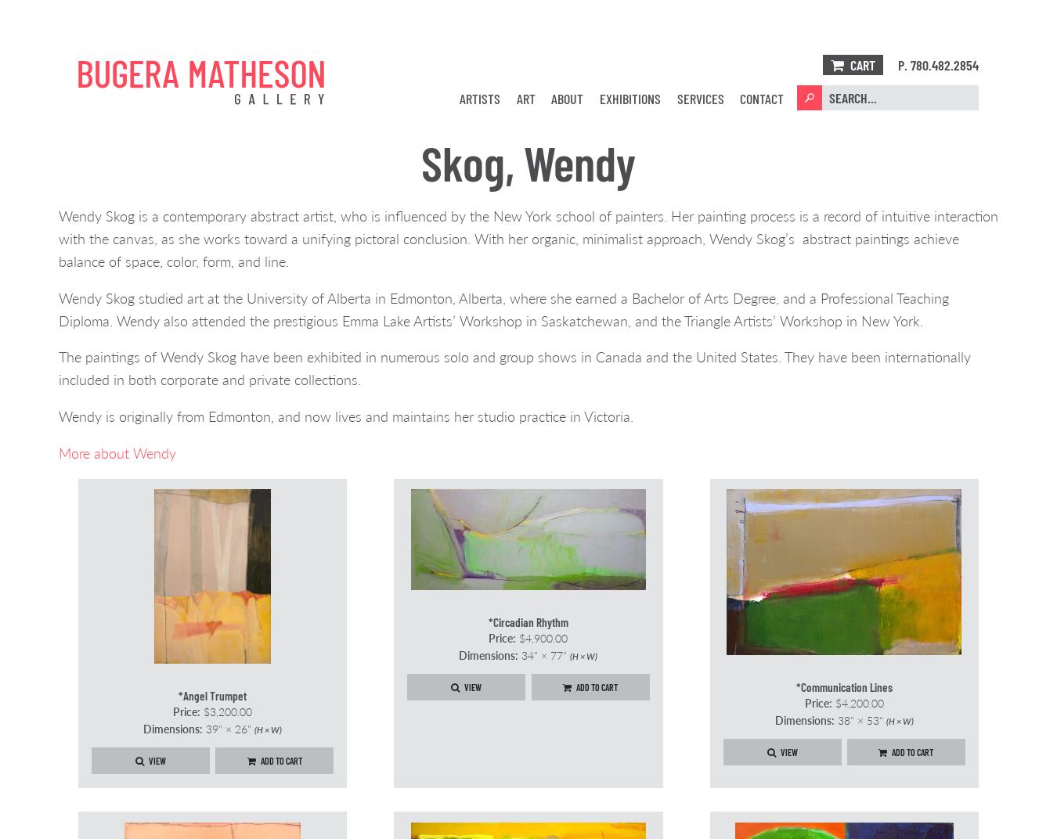 The height and width of the screenshot is (839, 1057). I want to click on 'Wendy Skog studied art at the University of Alberta in Edmonton, Alberta, where she earned a Bachelor of Arts Degree, and a Professional Teaching Diploma. Wendy also attended the prestigious Emma Lake Artists’ Workshop in Saskatchewan, and the Triangle Artists’ Workshop in New York.', so click(503, 308).